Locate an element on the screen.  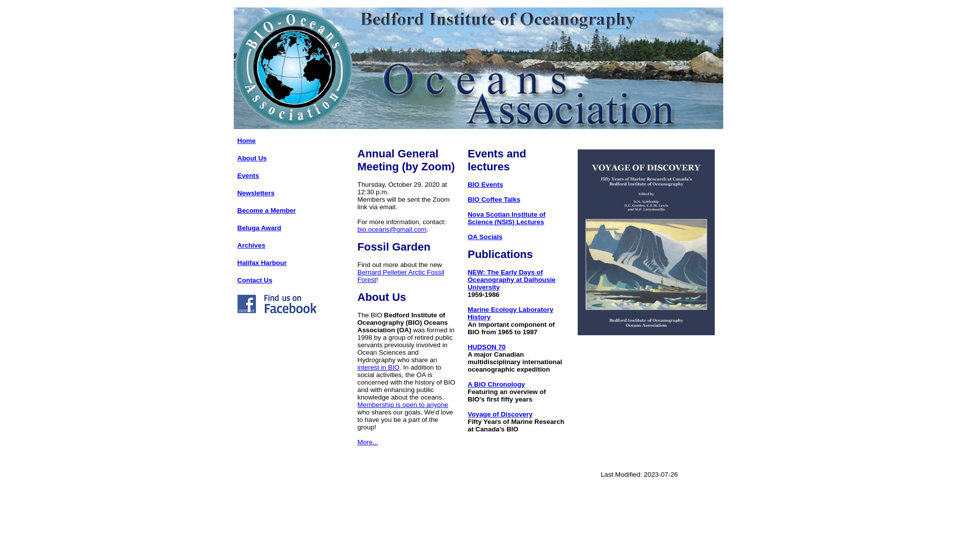
'Become a Member' is located at coordinates (266, 210).